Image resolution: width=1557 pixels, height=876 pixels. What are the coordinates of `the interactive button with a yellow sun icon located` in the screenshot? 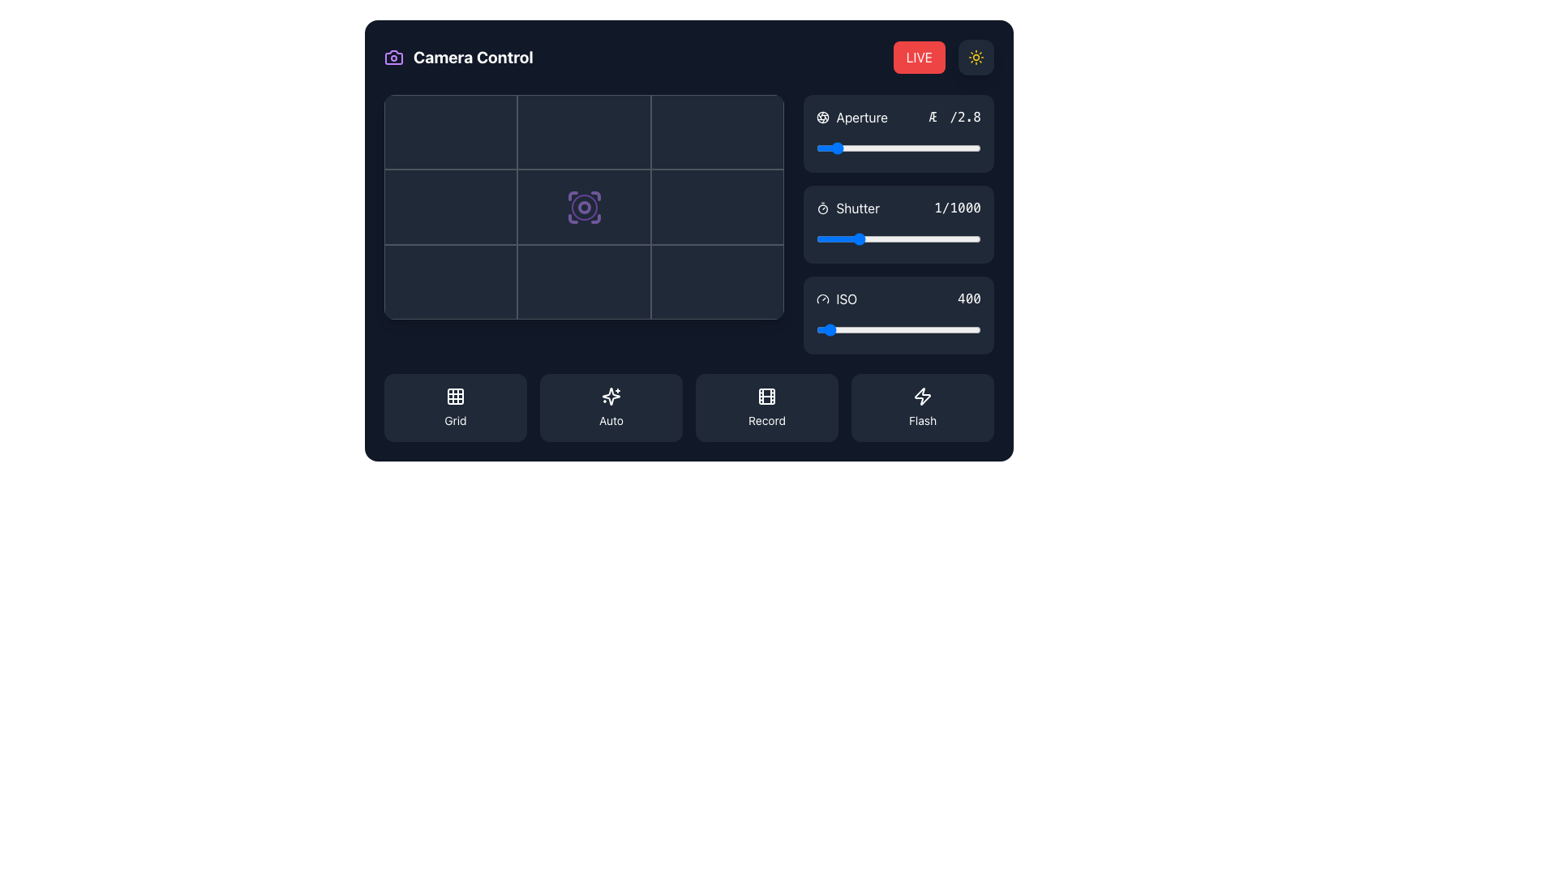 It's located at (976, 56).